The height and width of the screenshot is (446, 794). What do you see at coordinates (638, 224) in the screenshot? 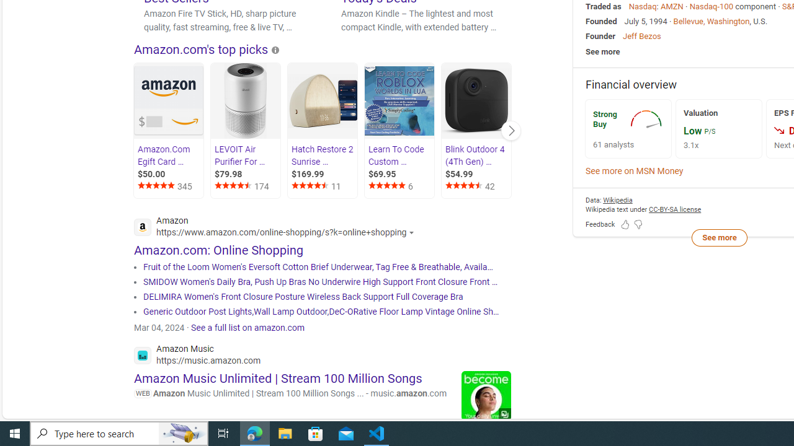
I see `'Feedback Dislike'` at bounding box center [638, 224].